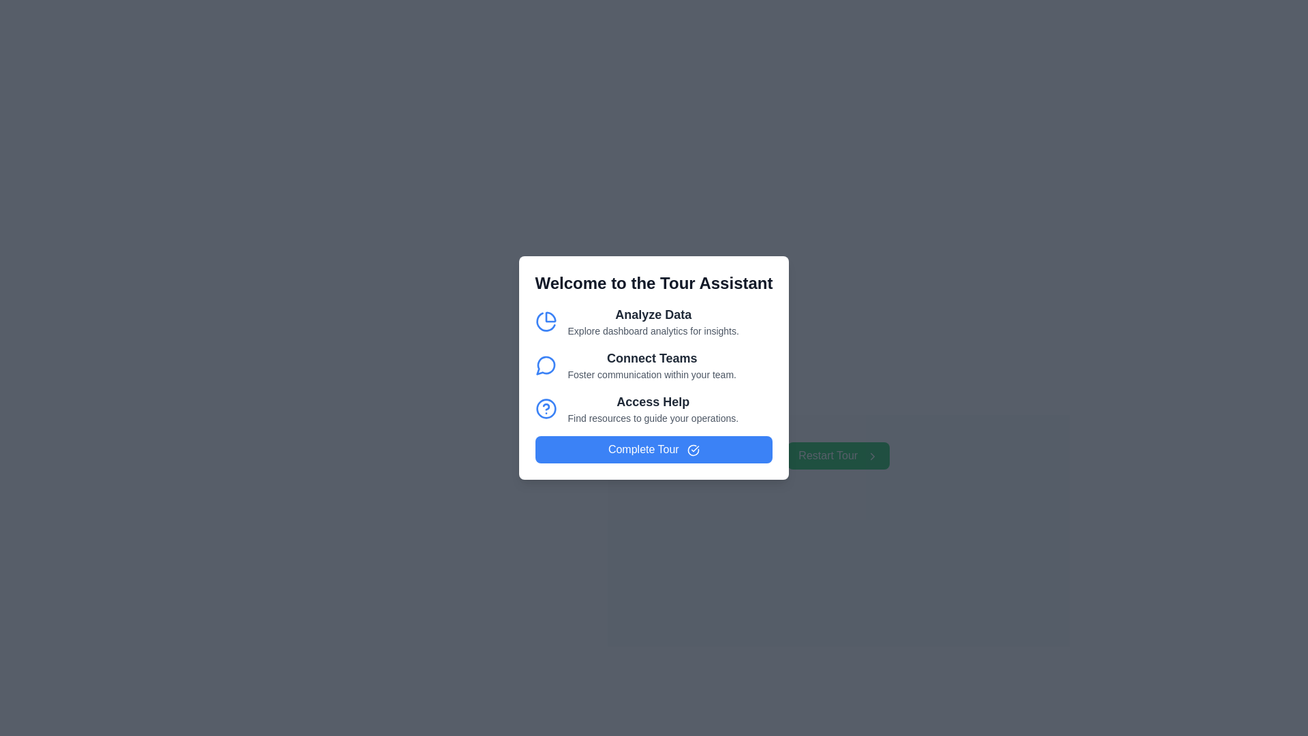  I want to click on the circular icon with a checkmark inside, styled with a line-drawn appearance, located to the right of the 'Complete Tour' text within the blue button at the bottom-center of the modal dialogue, so click(694, 450).